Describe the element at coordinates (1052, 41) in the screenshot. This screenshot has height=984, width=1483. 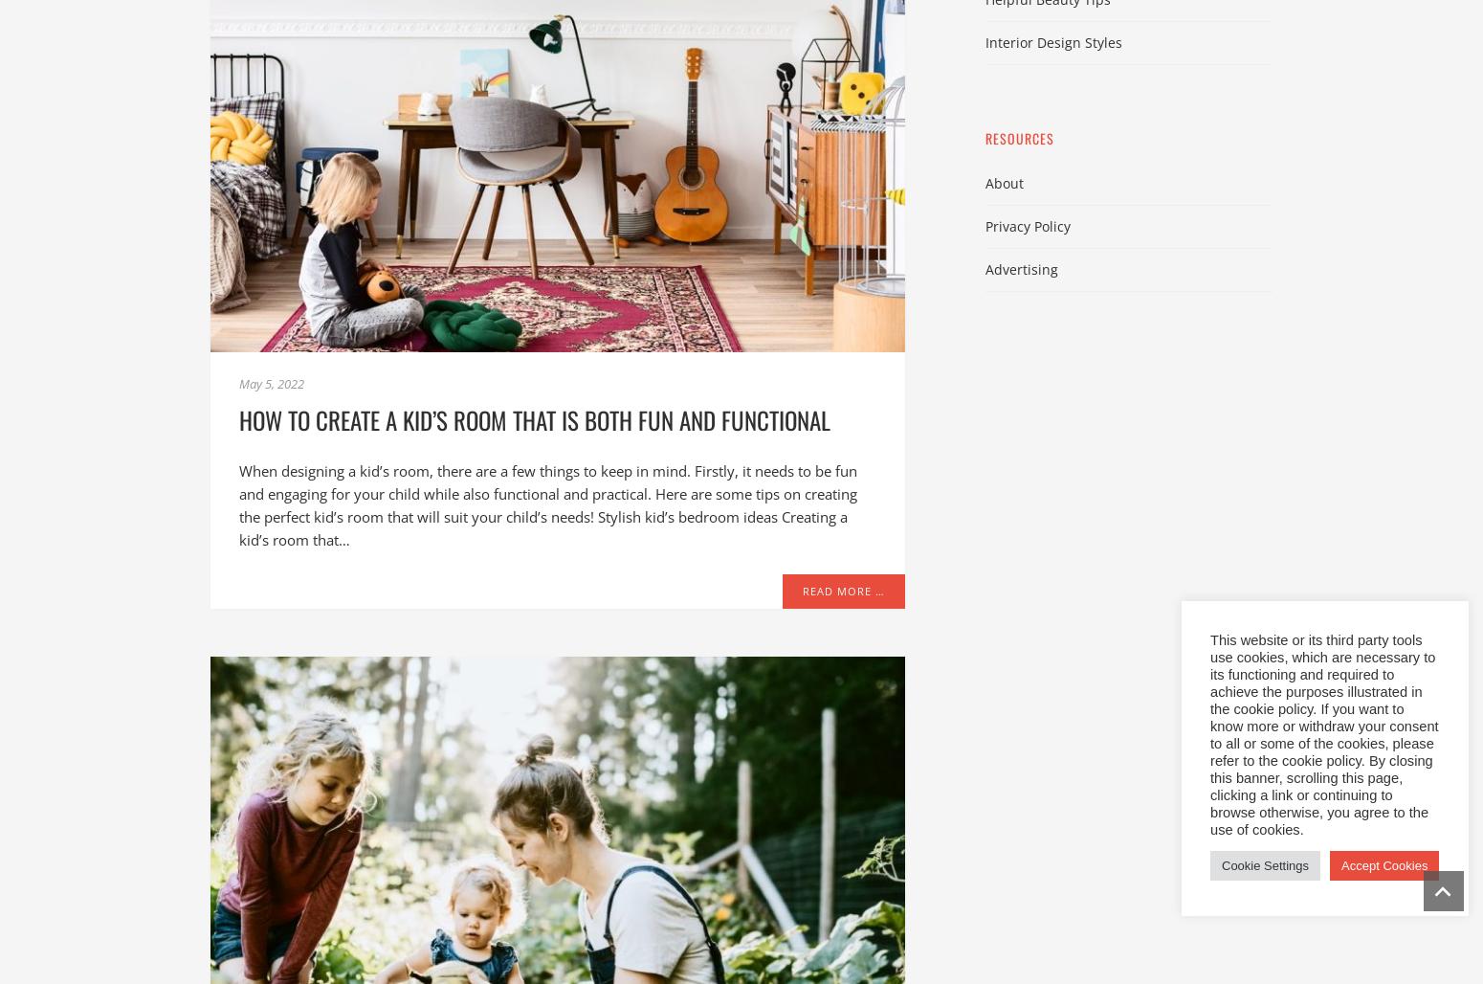
I see `'Interior Design Styles'` at that location.